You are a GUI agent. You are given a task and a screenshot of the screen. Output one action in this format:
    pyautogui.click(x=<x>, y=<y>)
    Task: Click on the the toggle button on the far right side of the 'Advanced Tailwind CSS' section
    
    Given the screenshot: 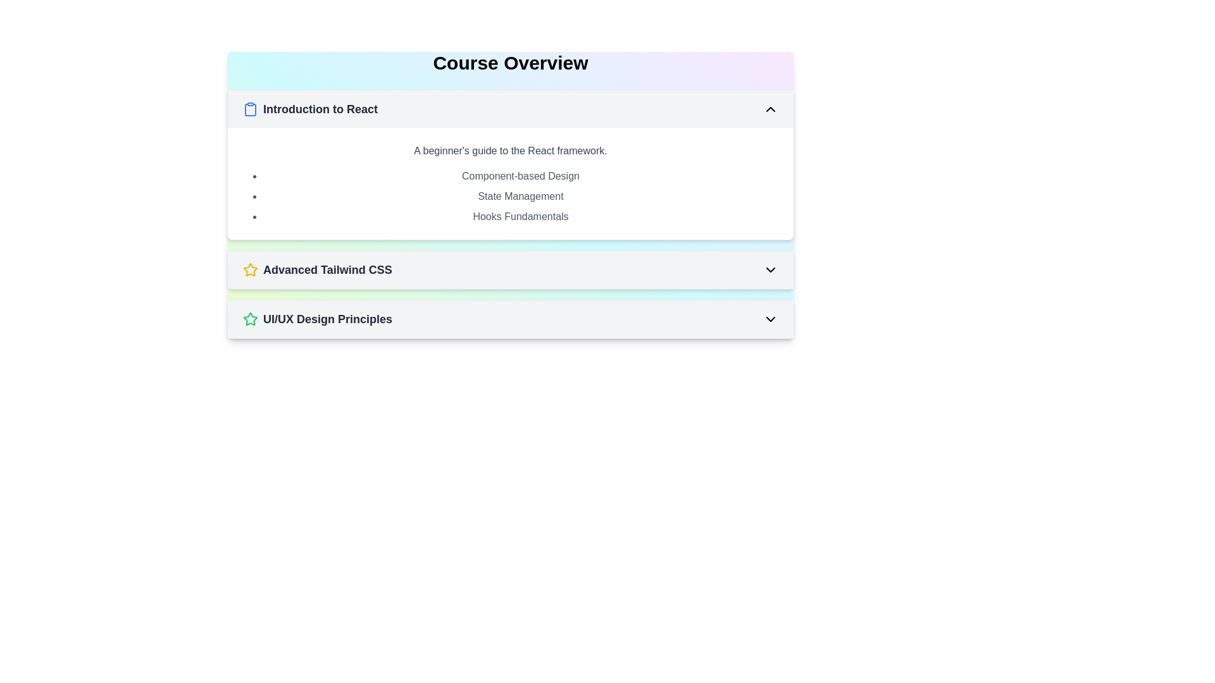 What is the action you would take?
    pyautogui.click(x=770, y=269)
    